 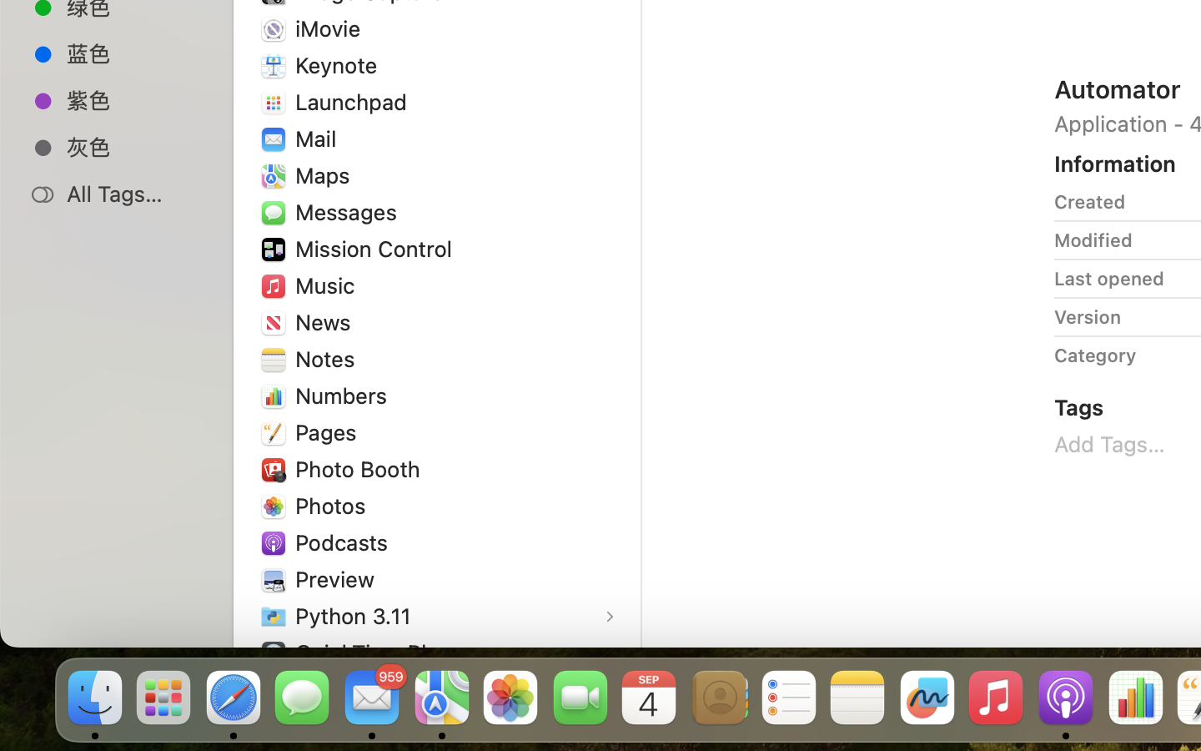 I want to click on 'Mission Control', so click(x=378, y=247).